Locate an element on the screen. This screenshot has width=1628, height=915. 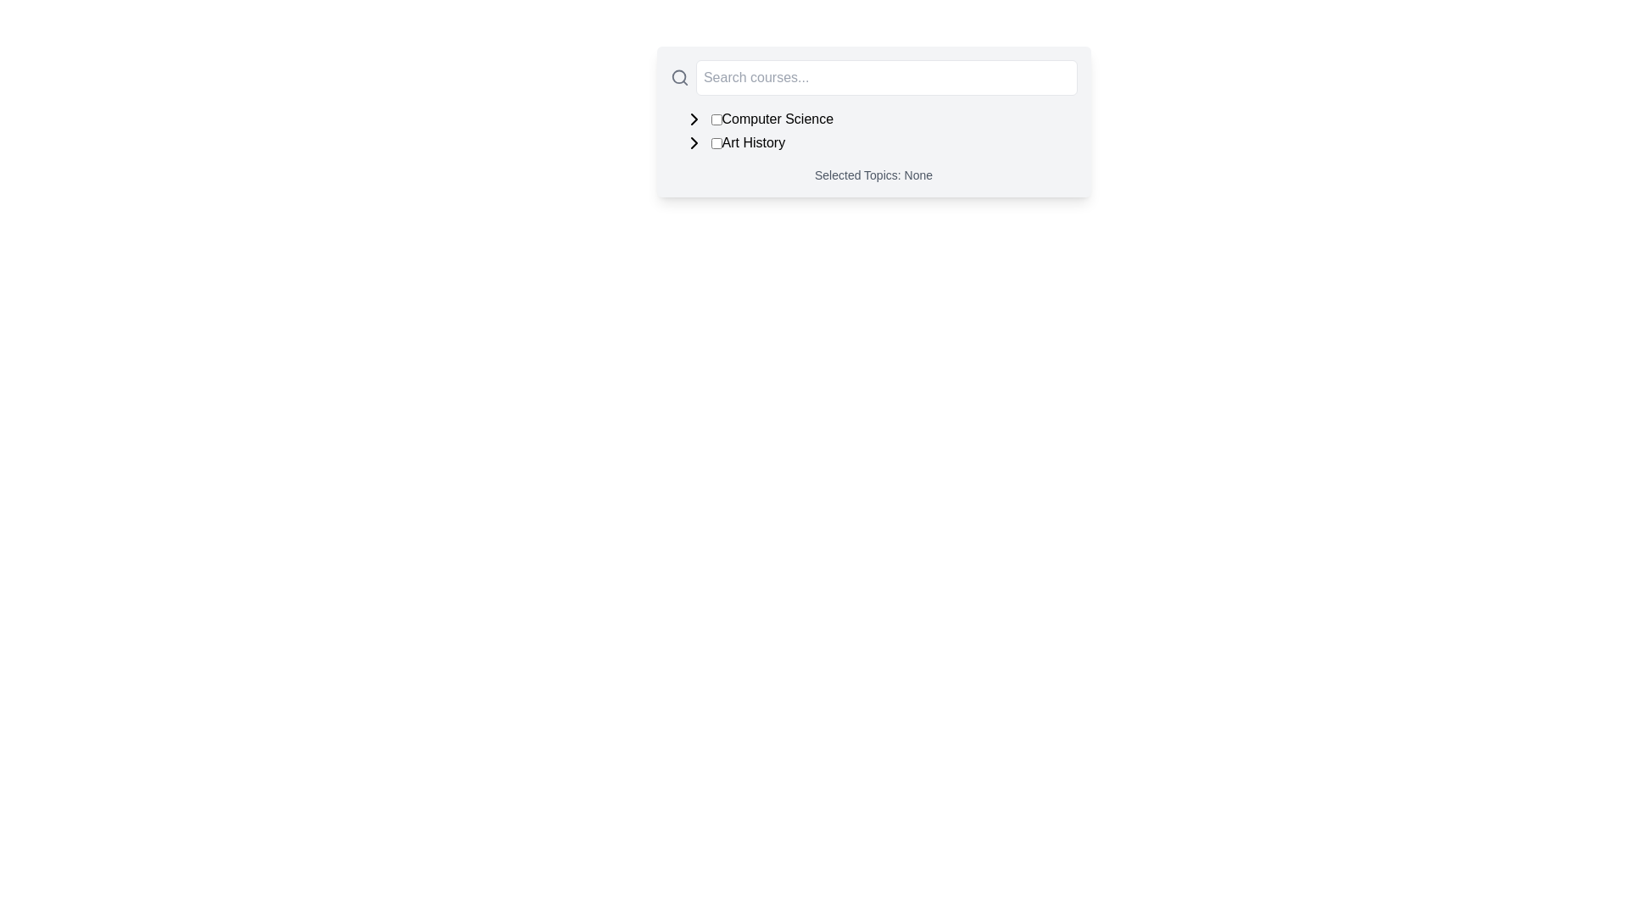
circular part of the search icon, represented by a magnifying glass, located at the top left corner of the search bar, by invoking the developer tools is located at coordinates (678, 77).